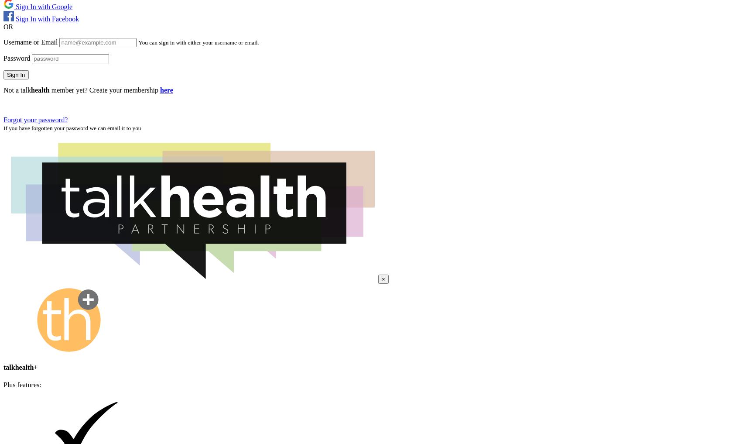  What do you see at coordinates (15, 367) in the screenshot?
I see `'health+'` at bounding box center [15, 367].